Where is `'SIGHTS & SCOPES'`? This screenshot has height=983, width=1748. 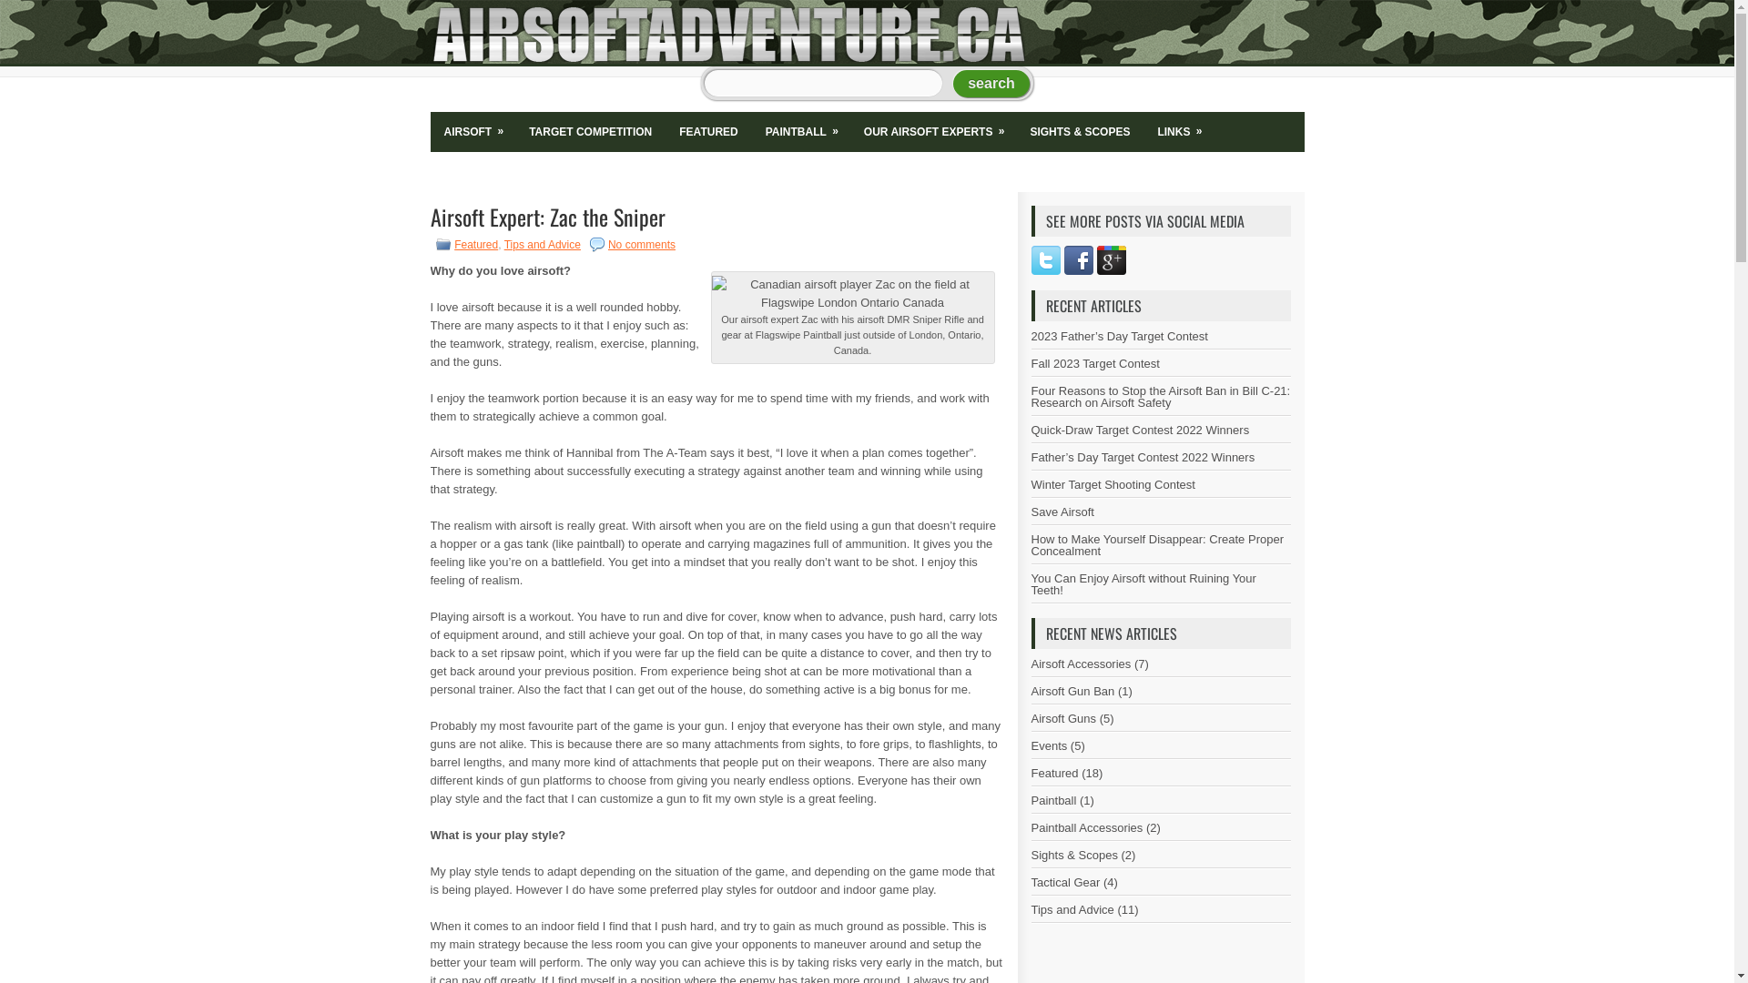 'SIGHTS & SCOPES' is located at coordinates (1079, 131).